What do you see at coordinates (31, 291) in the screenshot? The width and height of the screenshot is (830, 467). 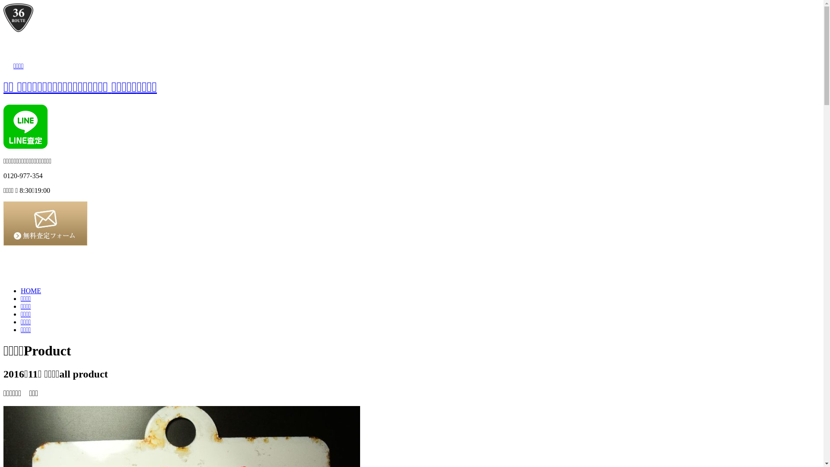 I see `'HOME'` at bounding box center [31, 291].